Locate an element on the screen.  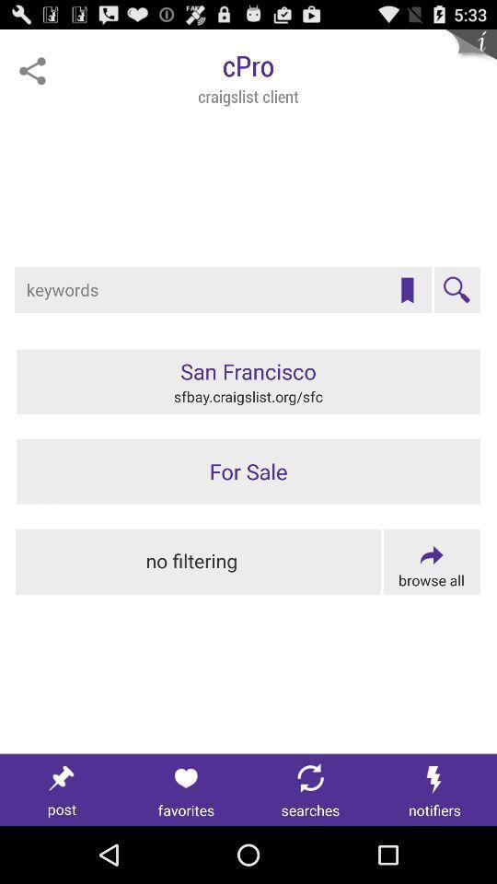
browse all is located at coordinates (432, 561).